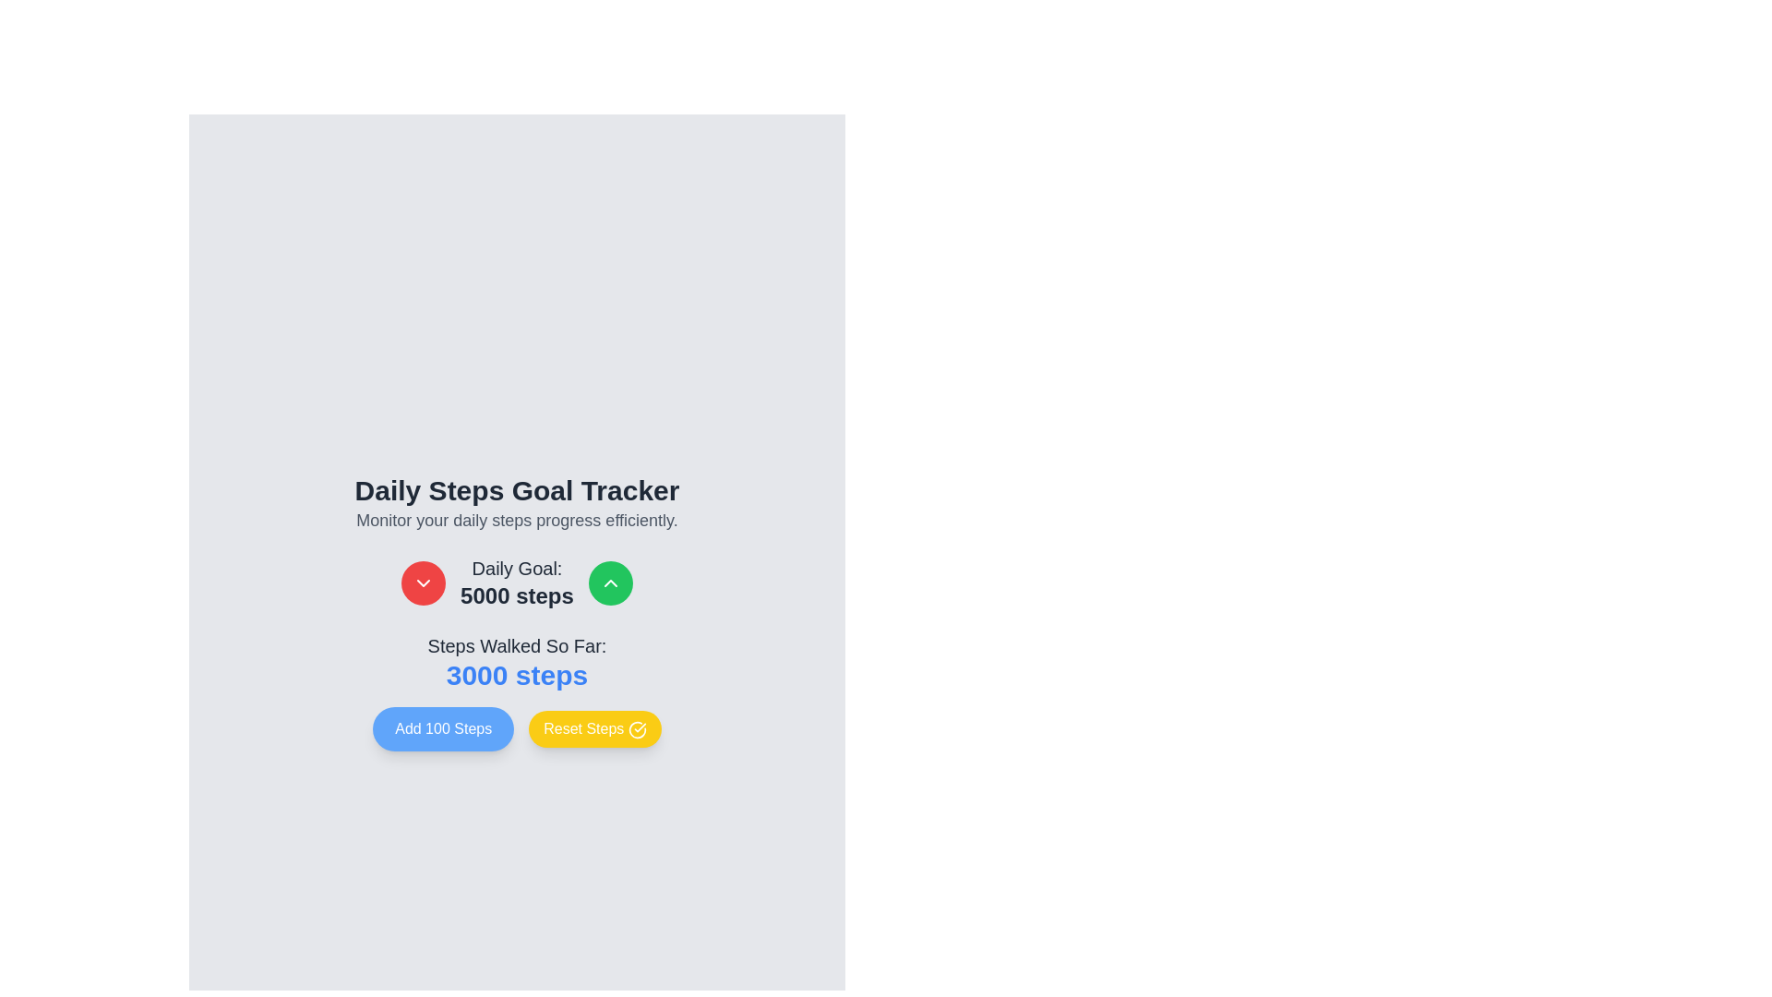 Image resolution: width=1772 pixels, height=997 pixels. Describe the element at coordinates (423, 583) in the screenshot. I see `the downward chevron icon button located within the red circular button under the 'Daily Goal: 5000 steps' heading` at that location.